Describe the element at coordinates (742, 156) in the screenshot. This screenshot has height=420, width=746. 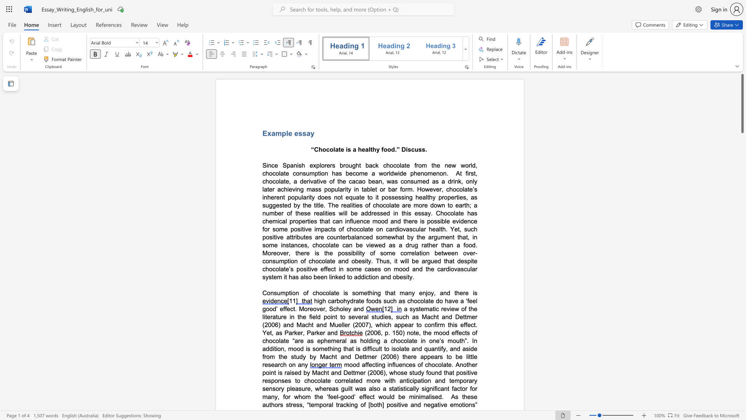
I see `the scrollbar on the right to shift the page lower` at that location.